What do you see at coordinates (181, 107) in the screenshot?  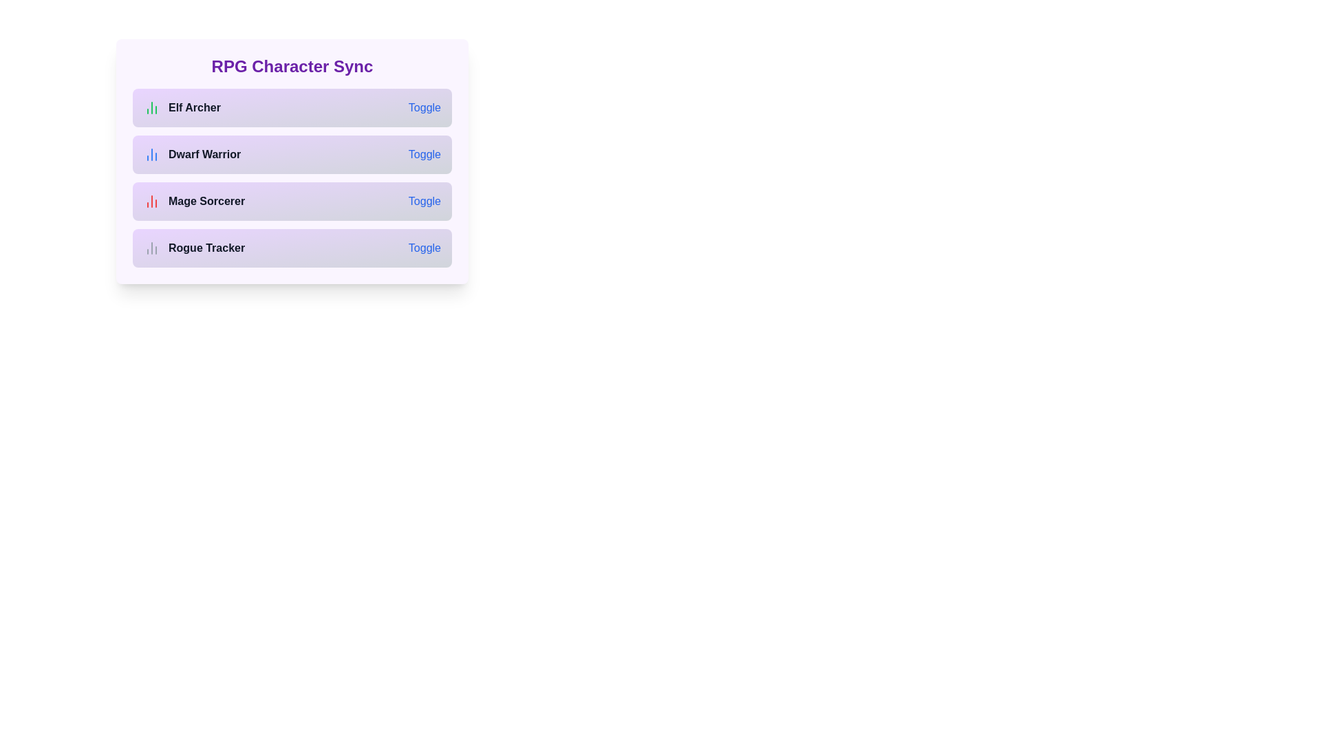 I see `text label 'Elf Archer' that is styled in bold gray color and is located in the first row of the 'RPG Character Sync' panel, positioned to the left of the 'Toggle' button` at bounding box center [181, 107].